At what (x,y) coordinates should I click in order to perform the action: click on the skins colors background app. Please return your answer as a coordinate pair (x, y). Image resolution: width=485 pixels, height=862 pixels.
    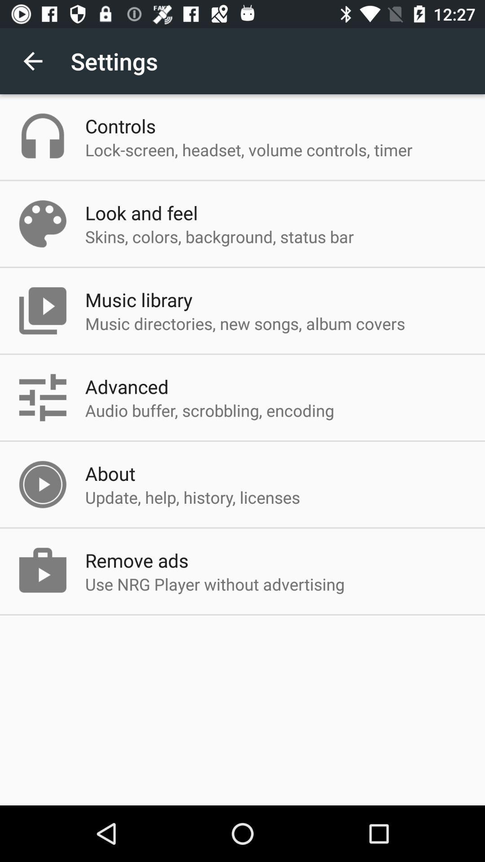
    Looking at the image, I should click on (220, 237).